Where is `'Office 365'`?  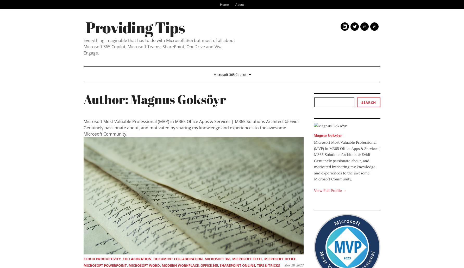
'Office 365' is located at coordinates (209, 265).